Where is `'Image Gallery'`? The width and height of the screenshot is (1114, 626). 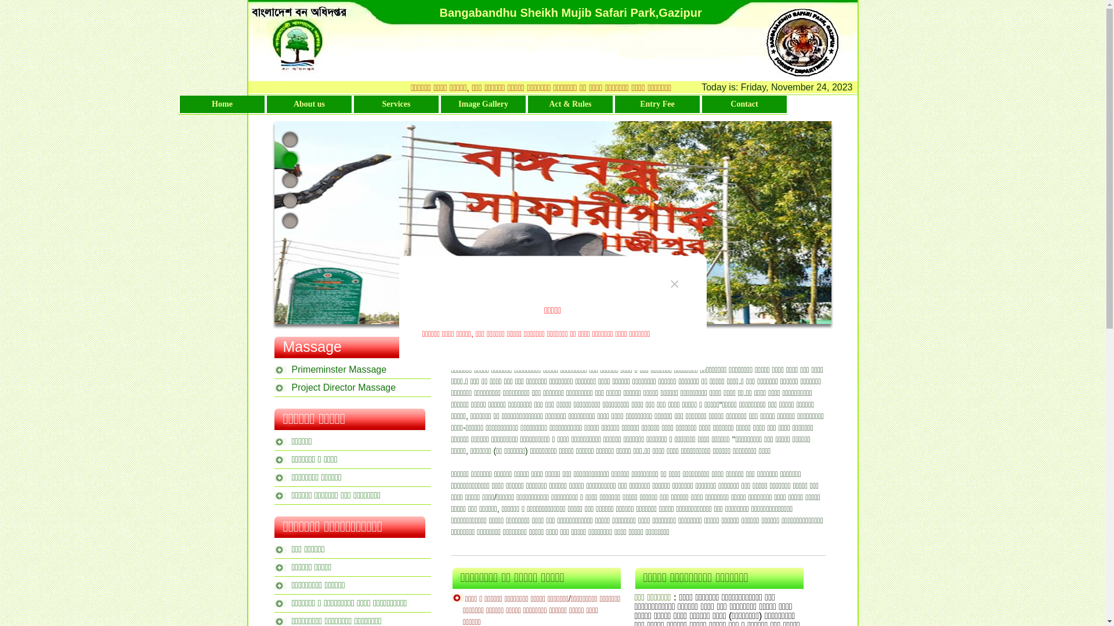 'Image Gallery' is located at coordinates (483, 104).